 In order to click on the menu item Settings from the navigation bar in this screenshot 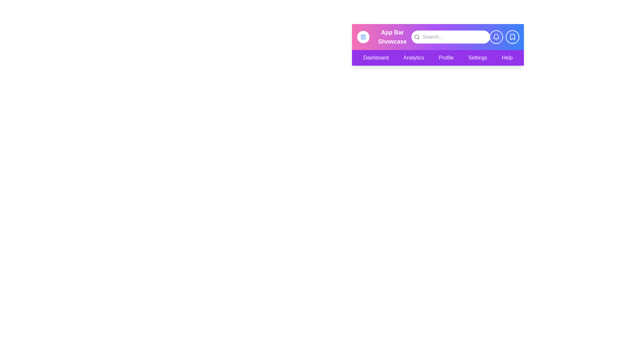, I will do `click(478, 57)`.